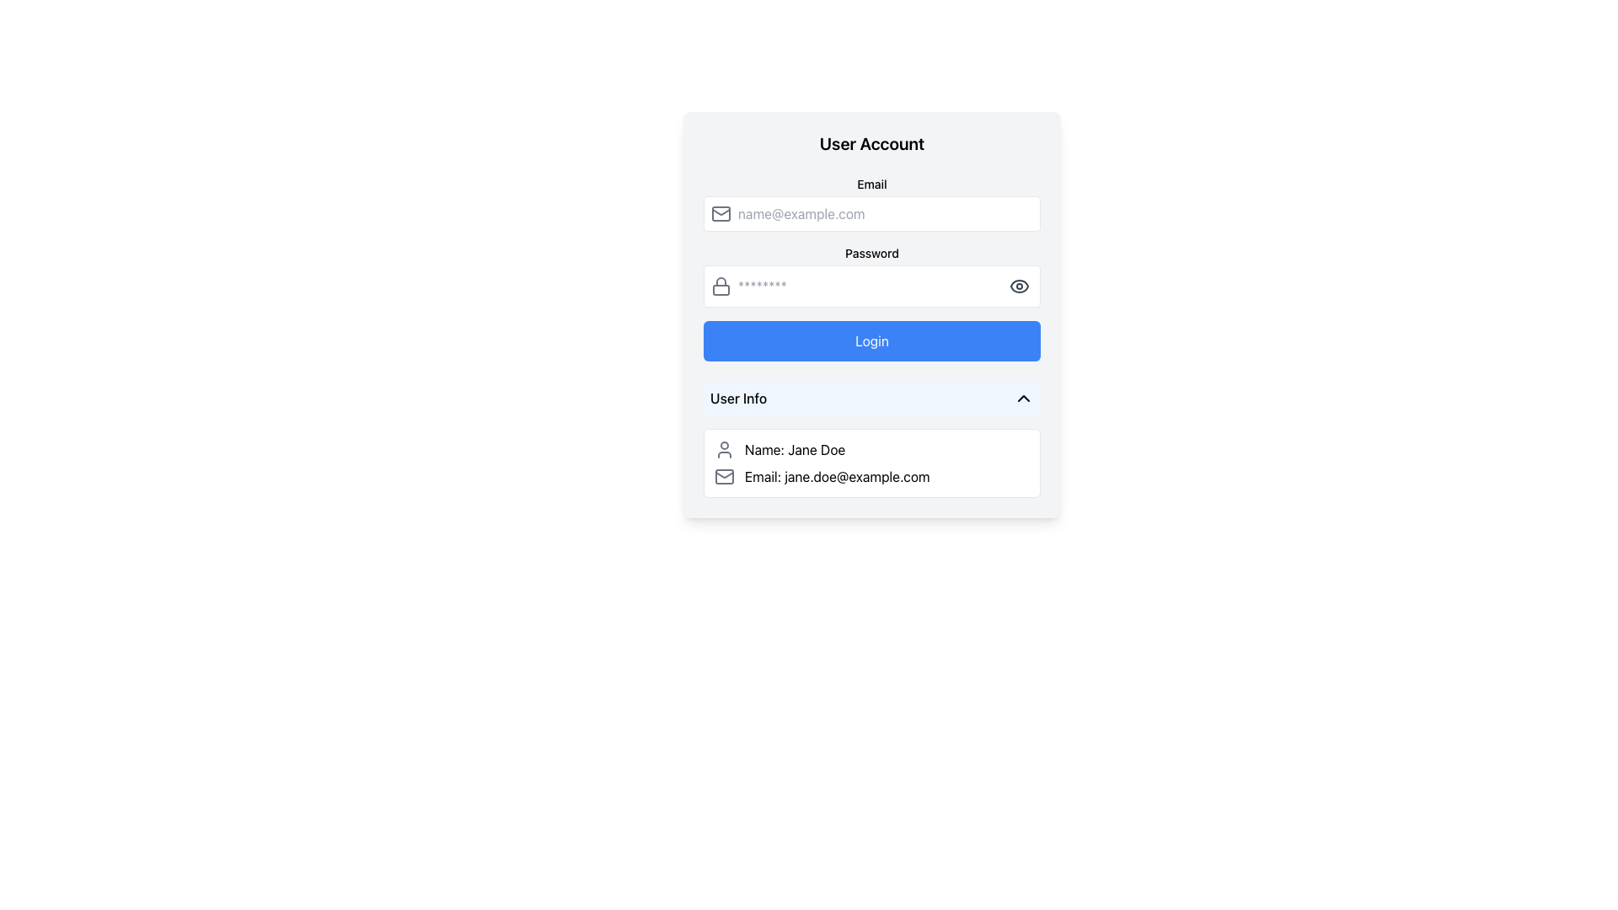 The height and width of the screenshot is (910, 1618). What do you see at coordinates (721, 288) in the screenshot?
I see `the lock body icon within the lock icon, which symbolizes security, positioned to the left of the password input field in the login form` at bounding box center [721, 288].